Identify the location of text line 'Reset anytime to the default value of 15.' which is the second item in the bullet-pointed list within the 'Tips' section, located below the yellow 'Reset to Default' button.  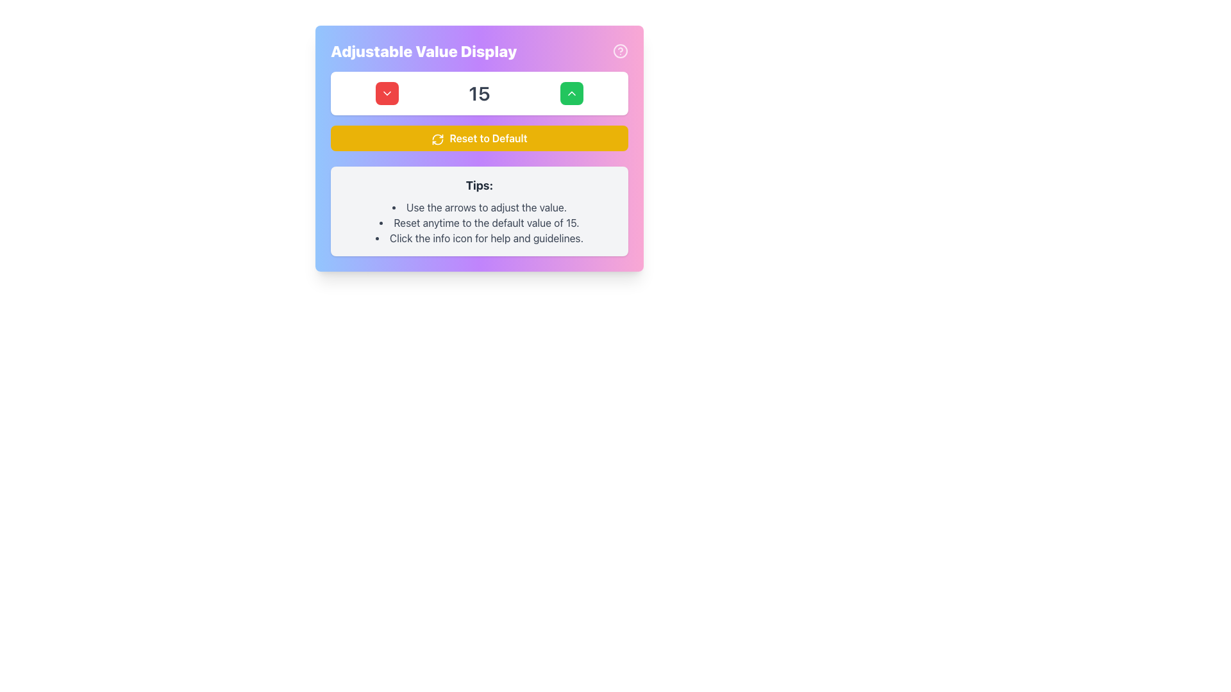
(479, 222).